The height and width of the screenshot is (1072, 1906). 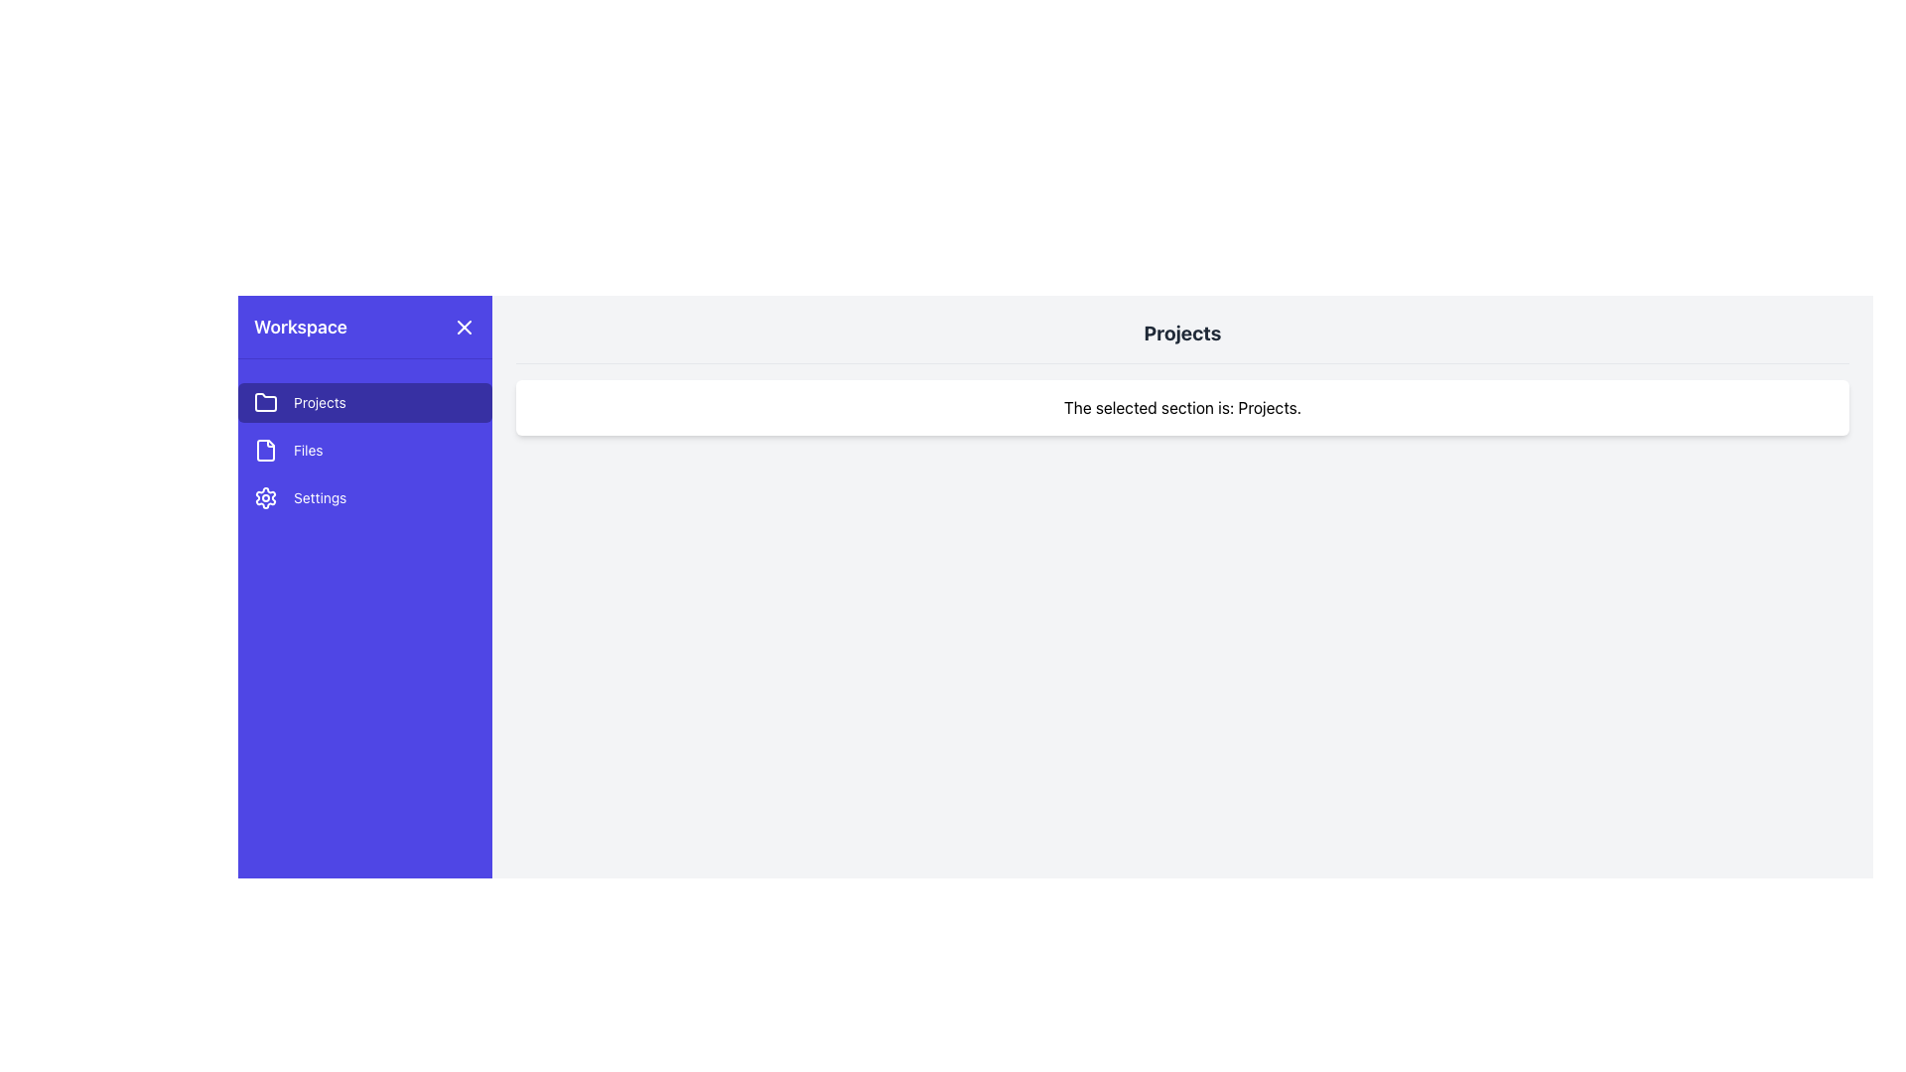 I want to click on the 'Settings' icon in the left-side navigation panel, so click(x=265, y=496).